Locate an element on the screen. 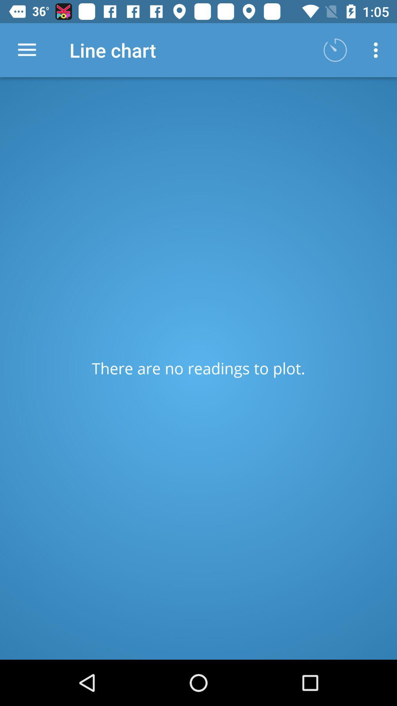  icon next to line chart item is located at coordinates (26, 50).